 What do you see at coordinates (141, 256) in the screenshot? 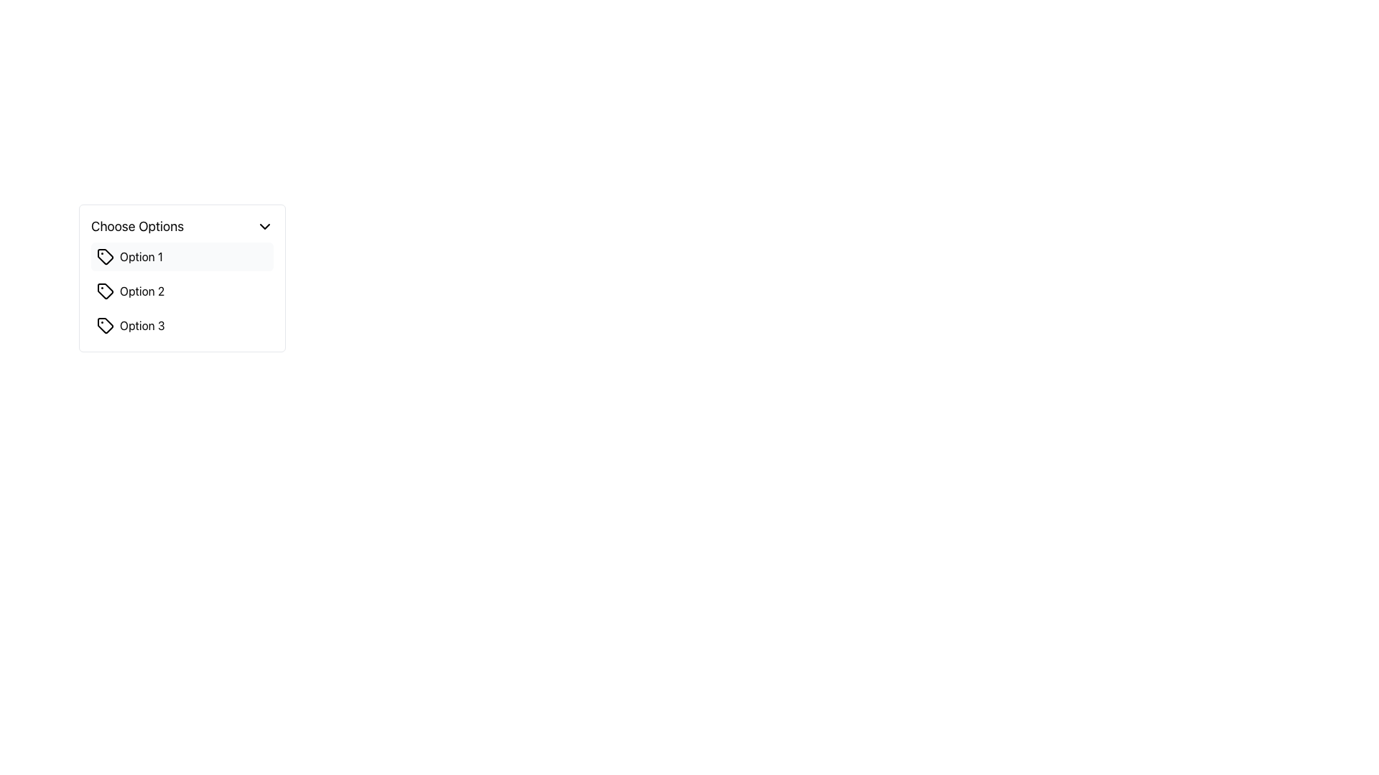
I see `the text label displaying 'Option 1'` at bounding box center [141, 256].